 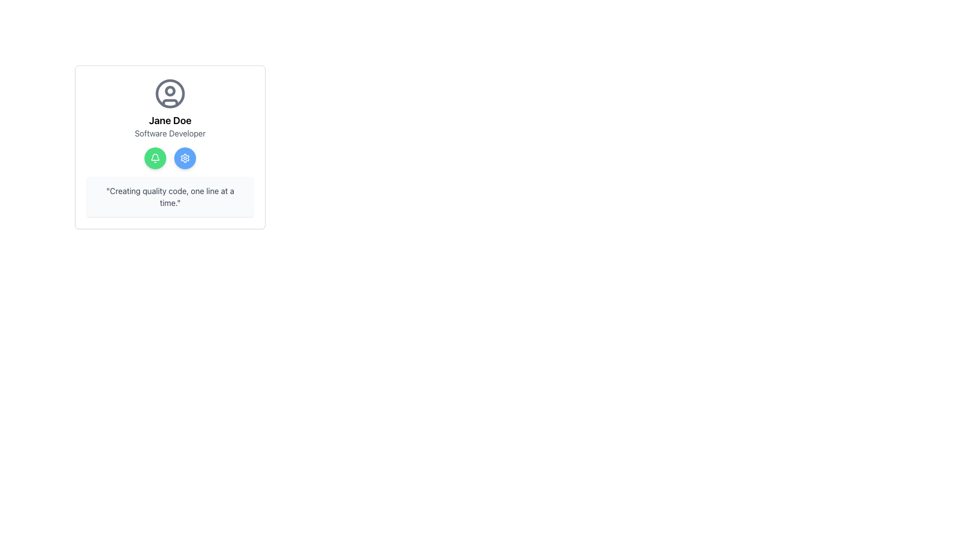 What do you see at coordinates (170, 94) in the screenshot?
I see `the circular user icon, which is gray and prominently located at the top-center of the card layout, above the text 'Jane Doe' and 'Software Developer'` at bounding box center [170, 94].